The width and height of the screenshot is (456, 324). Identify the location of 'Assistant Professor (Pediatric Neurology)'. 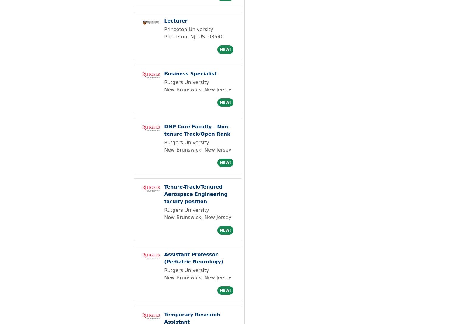
(164, 258).